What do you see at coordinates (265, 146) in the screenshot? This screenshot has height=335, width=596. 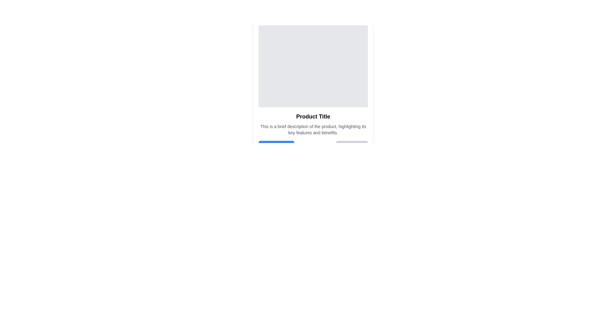 I see `the download icon located within the download button at the bottom left of the card, which is visually indicated by its position preceding the text 'Download'` at bounding box center [265, 146].